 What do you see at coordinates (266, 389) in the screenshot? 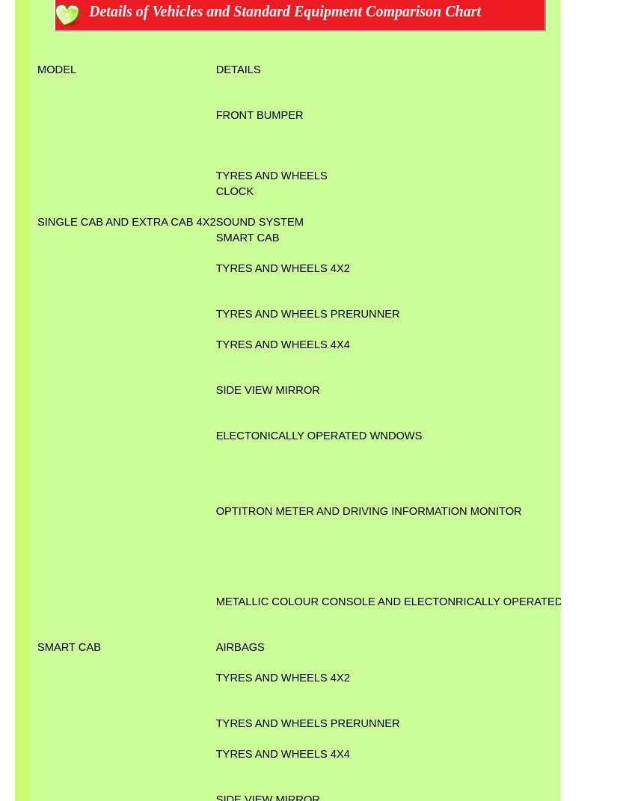
I see `'SIDE 
							   VIEW MIRROR'` at bounding box center [266, 389].